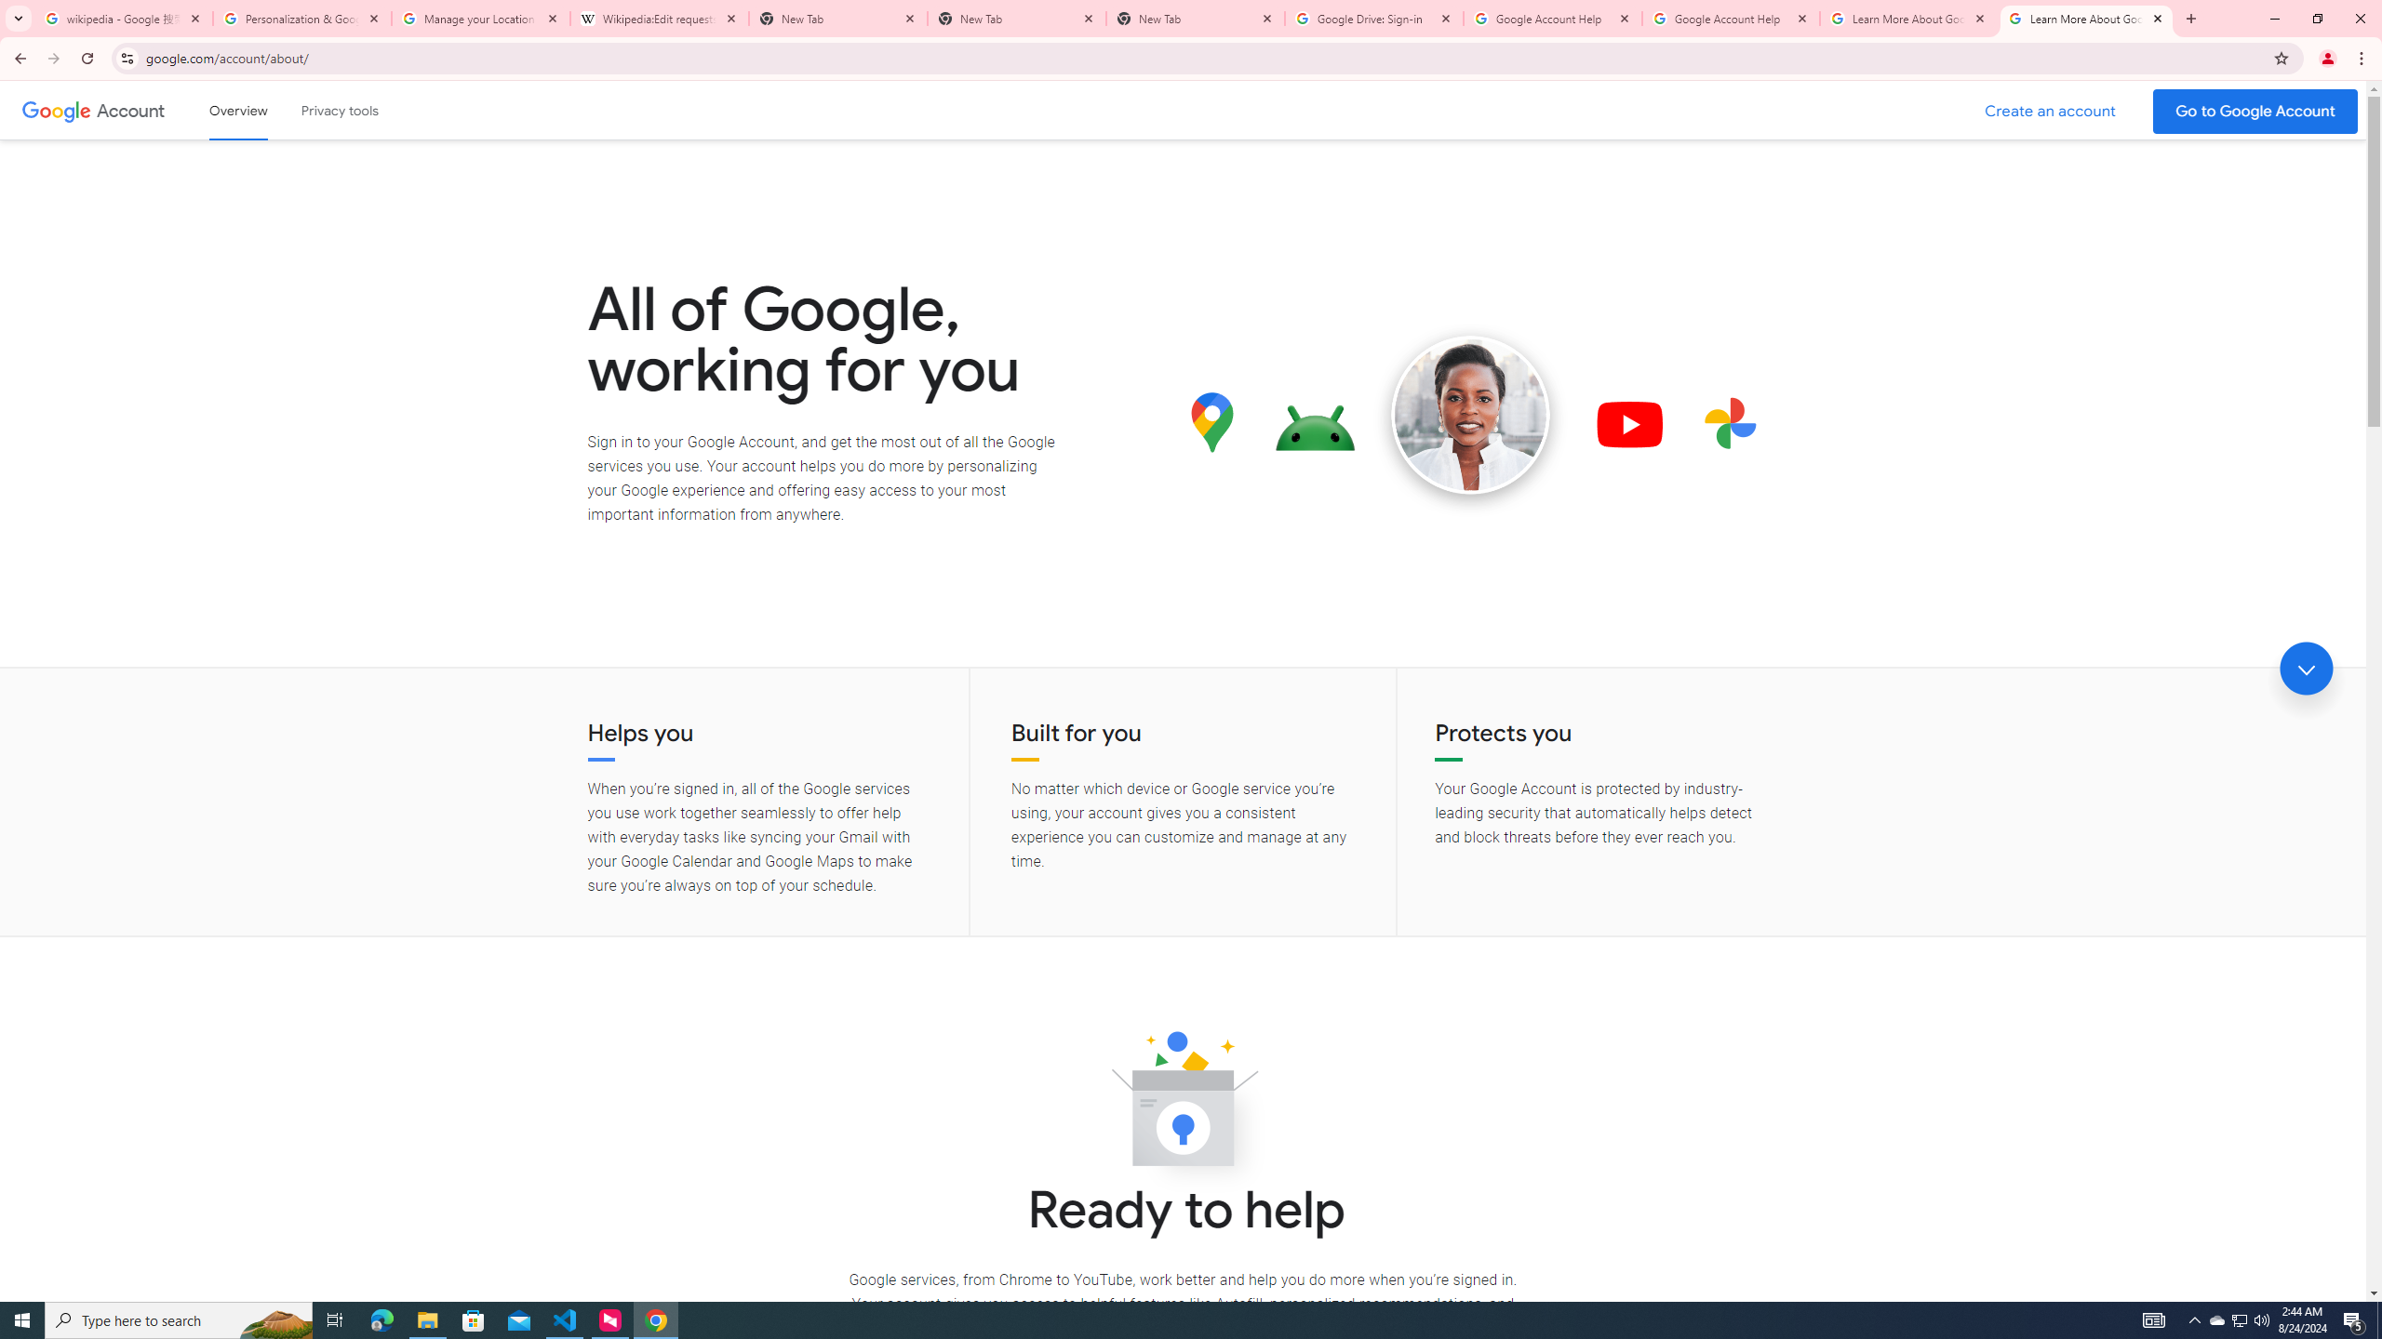  Describe the element at coordinates (1552, 18) in the screenshot. I see `'Google Account Help'` at that location.